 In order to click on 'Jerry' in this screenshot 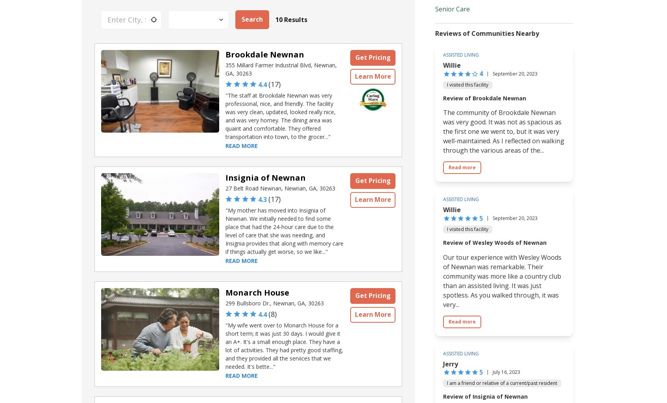, I will do `click(450, 363)`.